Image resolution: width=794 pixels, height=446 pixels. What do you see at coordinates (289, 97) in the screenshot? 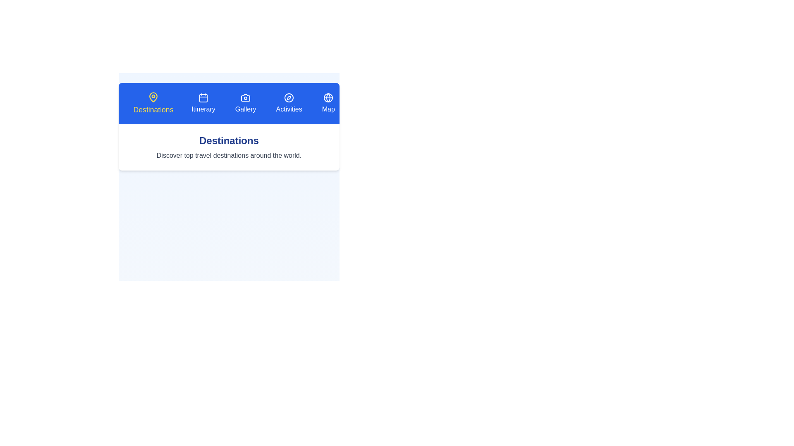
I see `the compass-style icon button in the menu bar` at bounding box center [289, 97].